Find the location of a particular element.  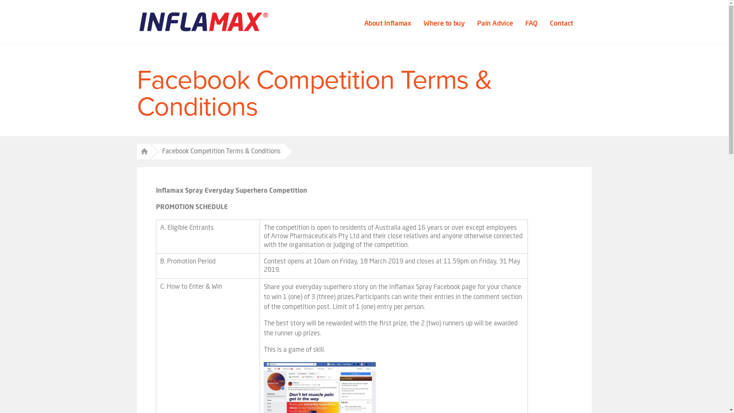

'Where to buy ' is located at coordinates (445, 23).